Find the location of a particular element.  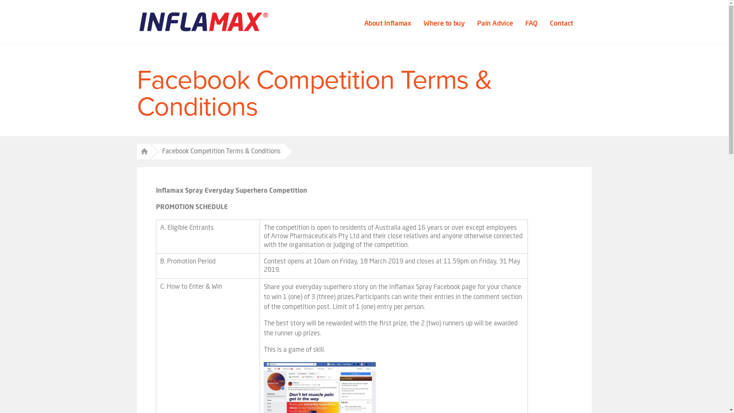

'Where to buy ' is located at coordinates (445, 23).